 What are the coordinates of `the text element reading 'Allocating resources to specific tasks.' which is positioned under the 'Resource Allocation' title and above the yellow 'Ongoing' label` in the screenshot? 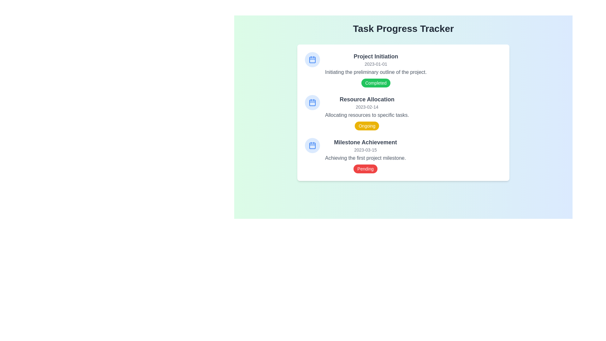 It's located at (367, 115).